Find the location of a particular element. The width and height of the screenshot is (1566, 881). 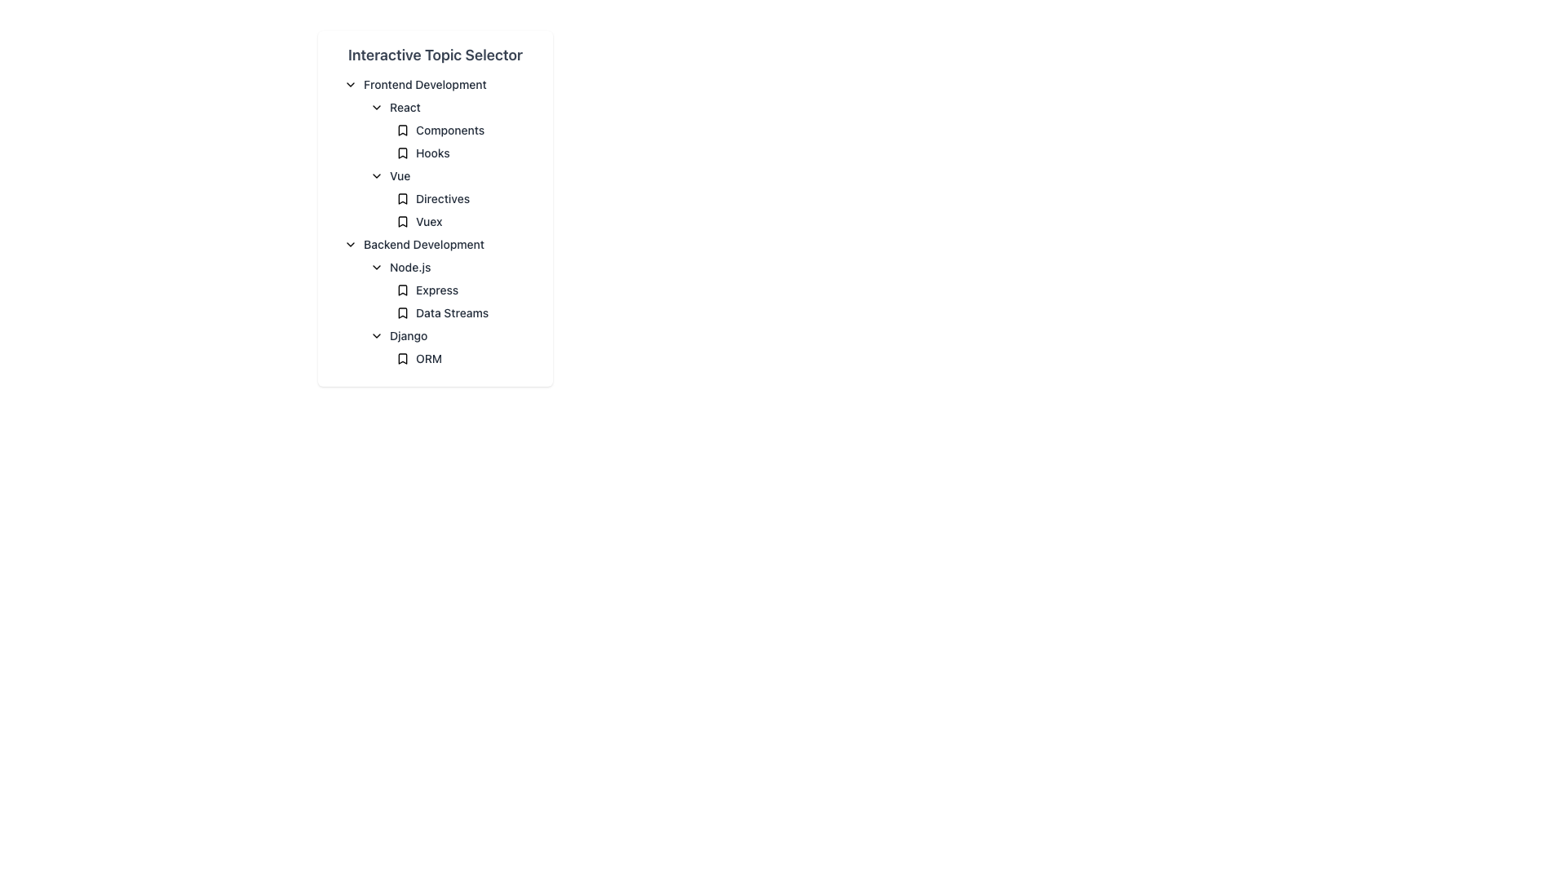

the dropdown indicator icon next to the 'React' label is located at coordinates (375, 107).